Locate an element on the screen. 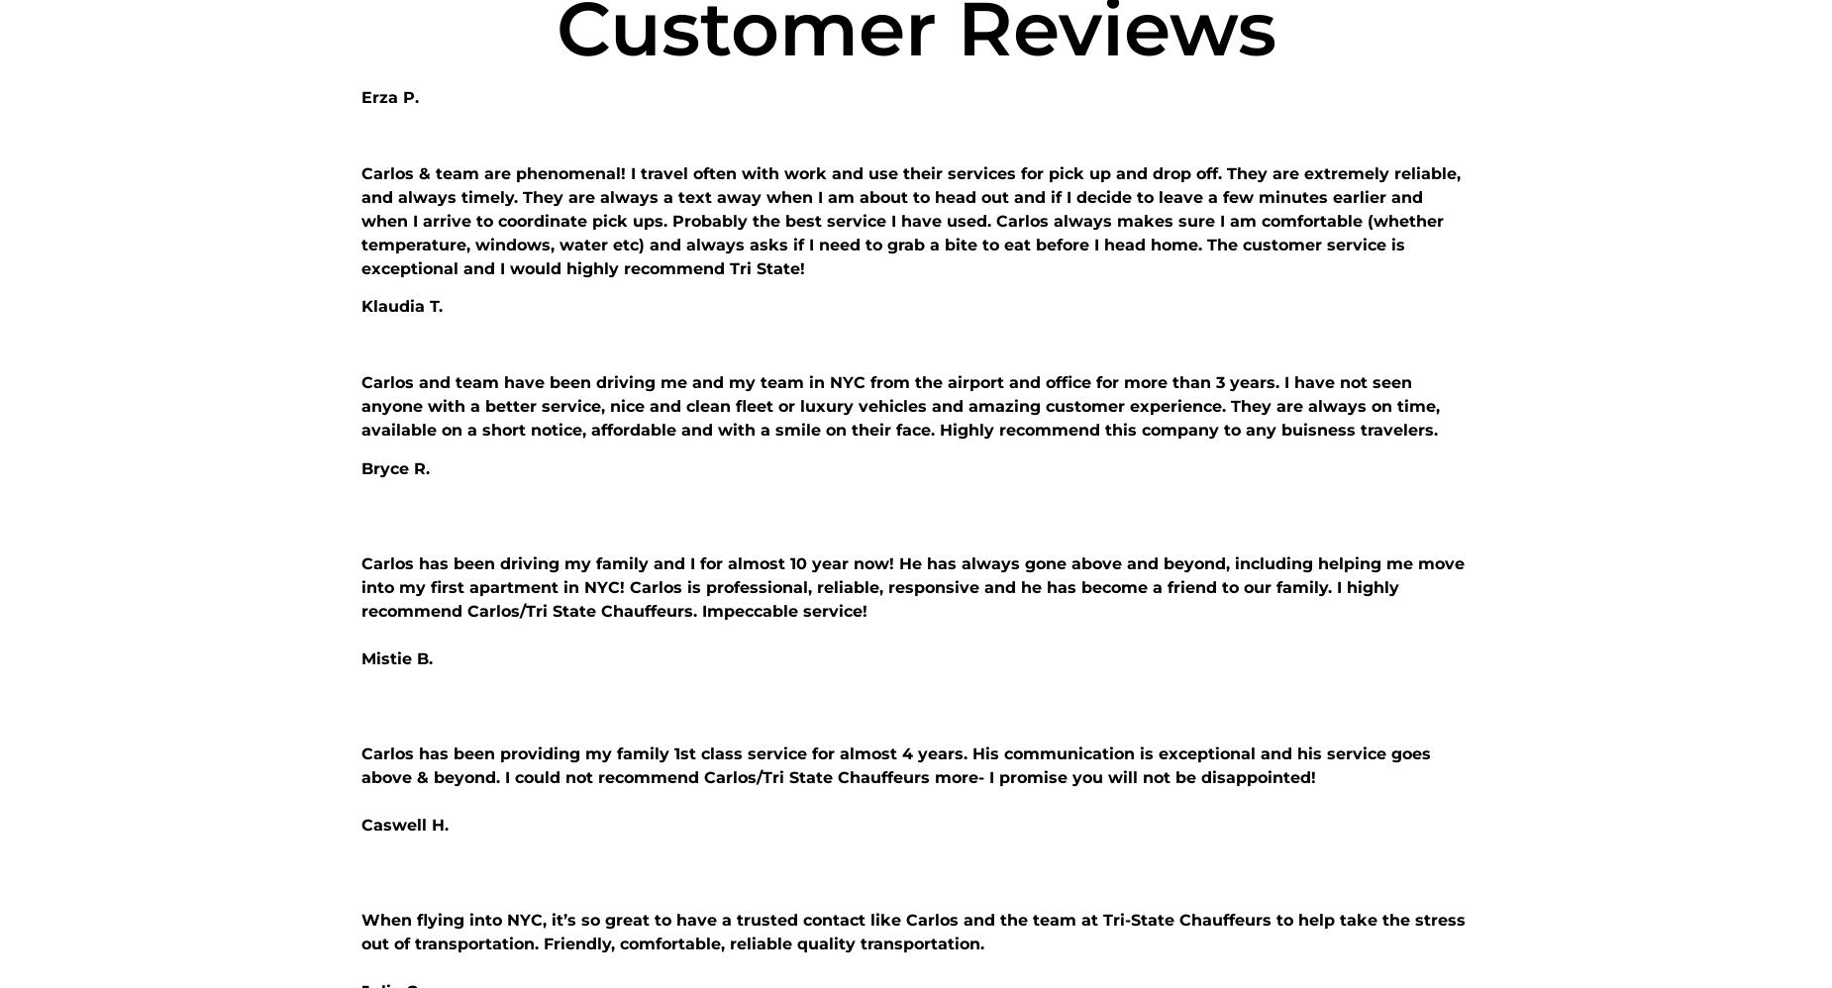  'When flying into NYC, it’s so great to have a trusted contact like Carlos and the team at Tri-State Chauffeurs to help take the stress out of transportation. Friendly, comfortable, reliable quality transportation.' is located at coordinates (913, 931).